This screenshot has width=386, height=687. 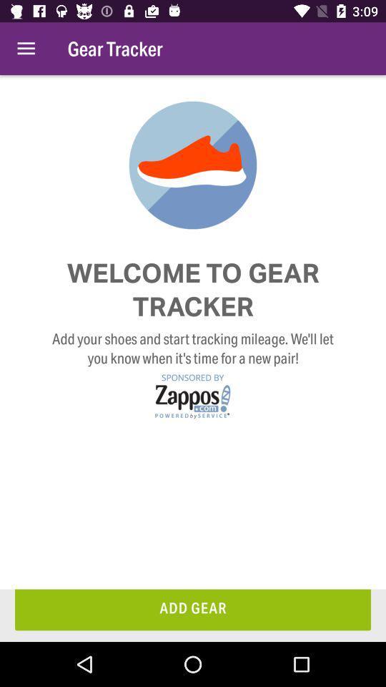 I want to click on the icon to the left of gear tracker, so click(x=26, y=49).